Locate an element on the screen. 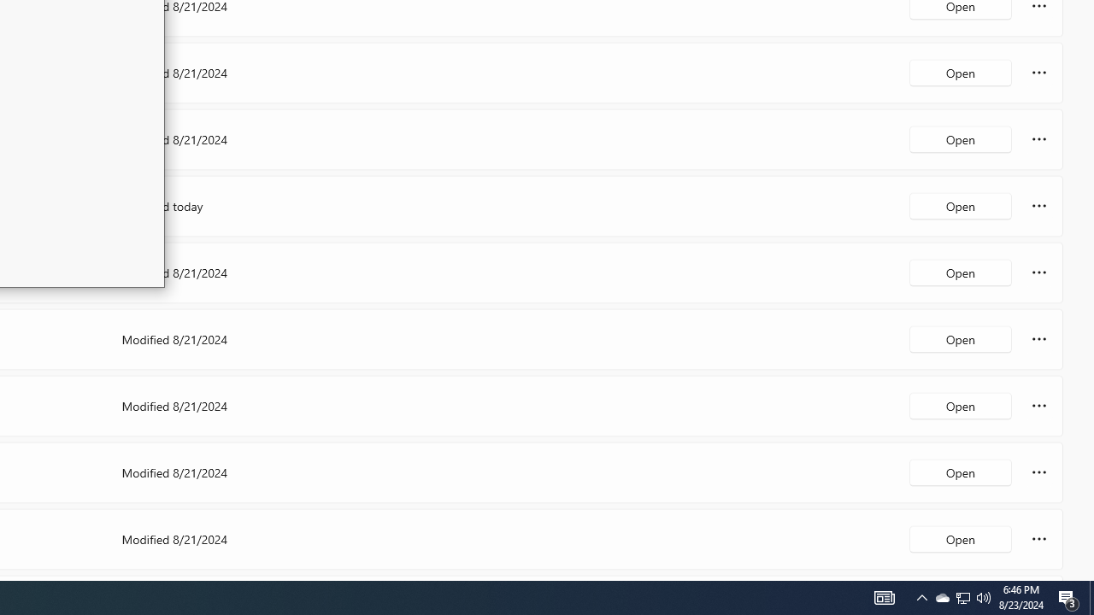 The width and height of the screenshot is (1094, 615). 'User Promoted Notification Area' is located at coordinates (963, 596).